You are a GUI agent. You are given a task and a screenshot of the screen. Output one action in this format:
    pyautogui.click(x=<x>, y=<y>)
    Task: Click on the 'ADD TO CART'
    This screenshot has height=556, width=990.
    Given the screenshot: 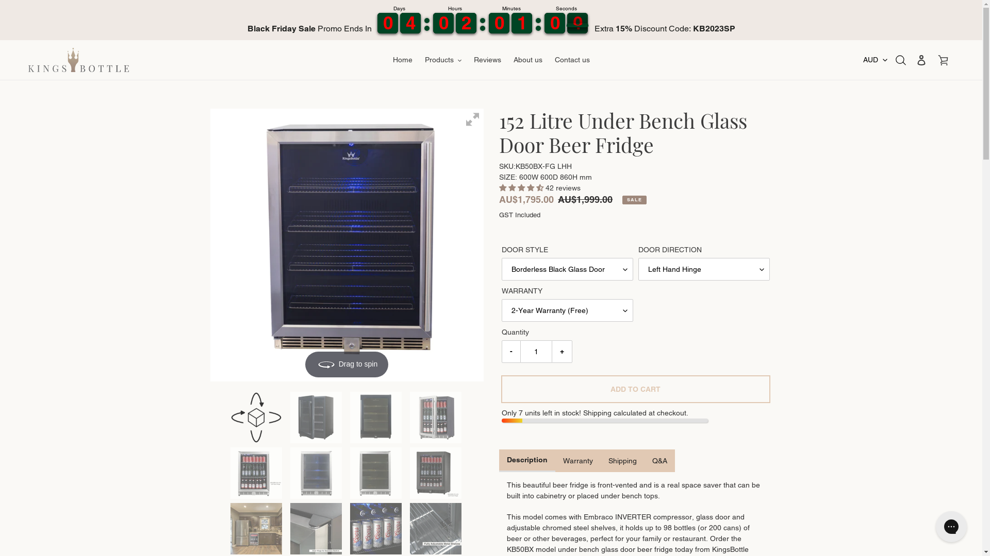 What is the action you would take?
    pyautogui.click(x=635, y=389)
    